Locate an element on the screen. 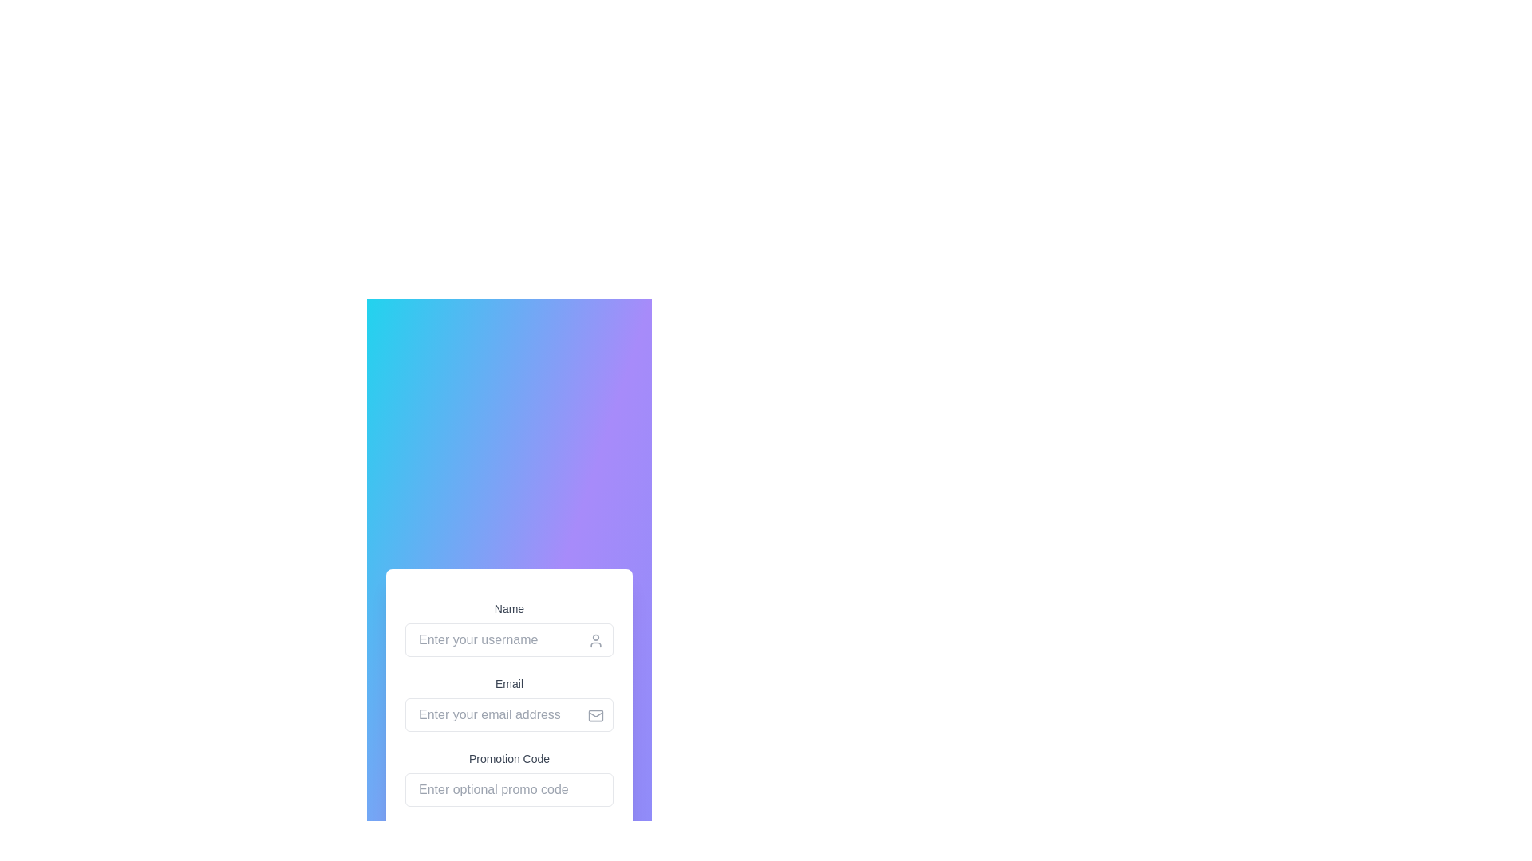 Image resolution: width=1532 pixels, height=861 pixels. the text input field labeled 'Name' that displays 'Enter your username' as placeholder text to focus on it is located at coordinates (508, 628).